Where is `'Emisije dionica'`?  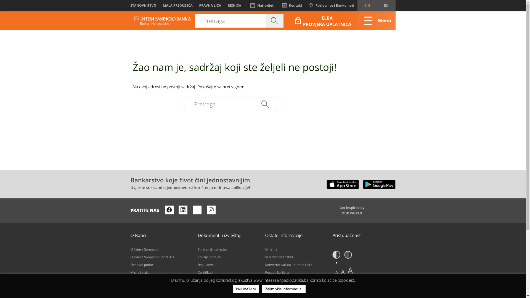 'Emisije dionica' is located at coordinates (229, 257).